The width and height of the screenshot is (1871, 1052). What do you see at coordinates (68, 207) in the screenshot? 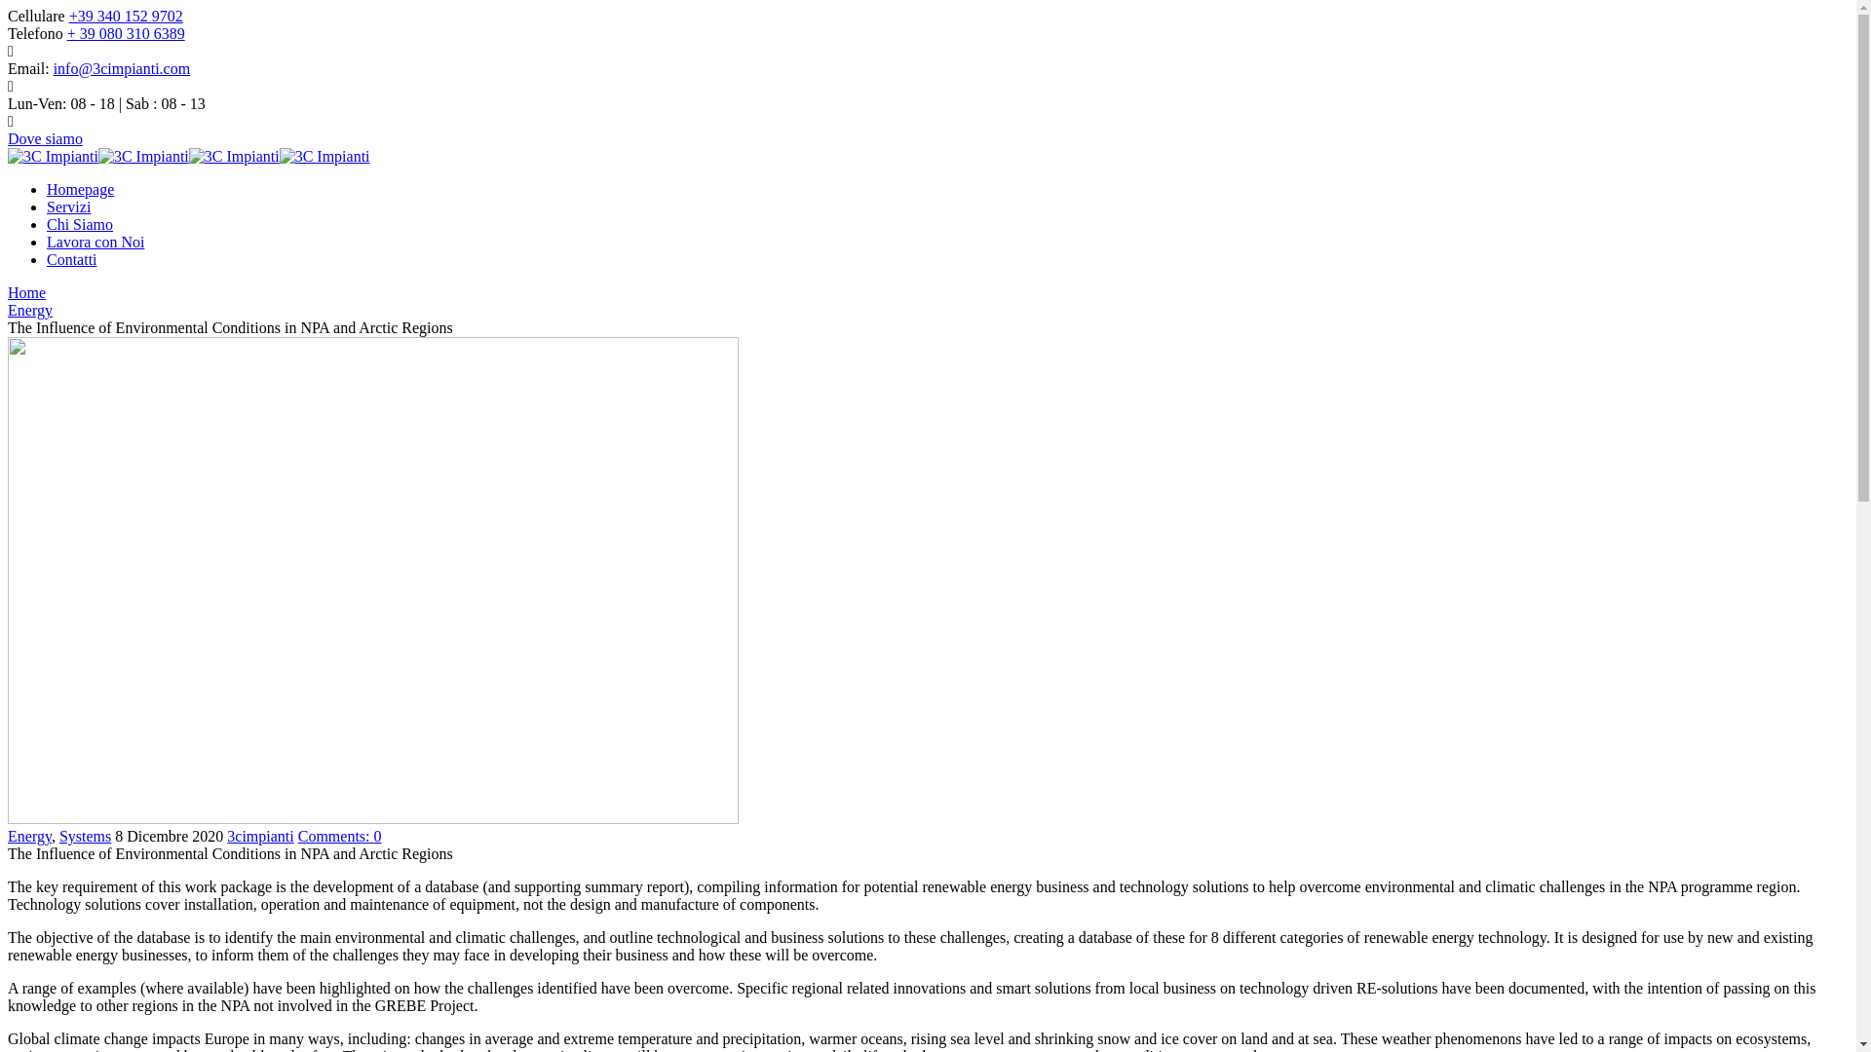
I see `'Servizi'` at bounding box center [68, 207].